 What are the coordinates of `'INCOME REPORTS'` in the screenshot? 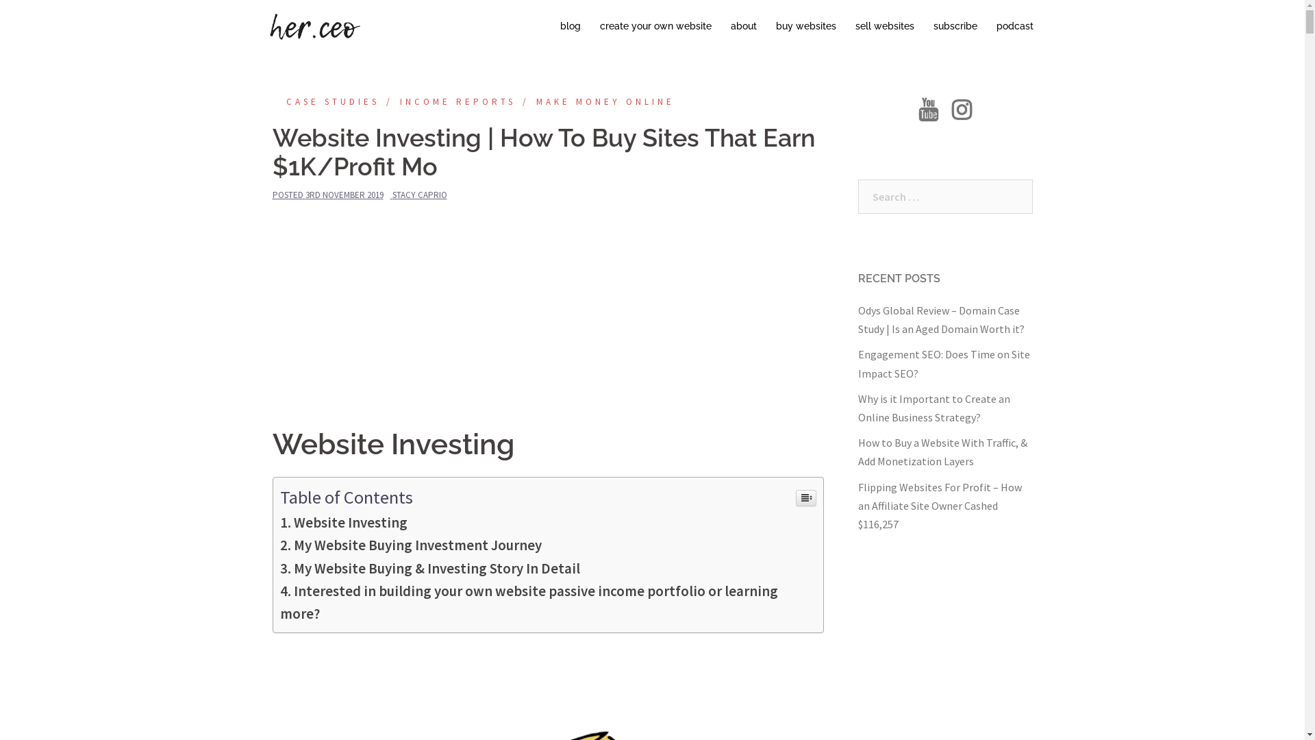 It's located at (447, 101).